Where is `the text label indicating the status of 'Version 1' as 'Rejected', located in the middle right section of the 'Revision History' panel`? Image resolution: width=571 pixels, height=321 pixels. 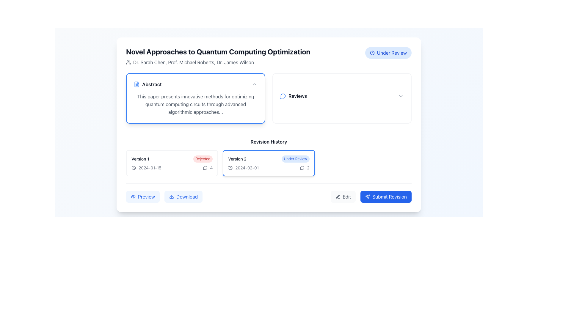 the text label indicating the status of 'Version 1' as 'Rejected', located in the middle right section of the 'Revision History' panel is located at coordinates (203, 159).